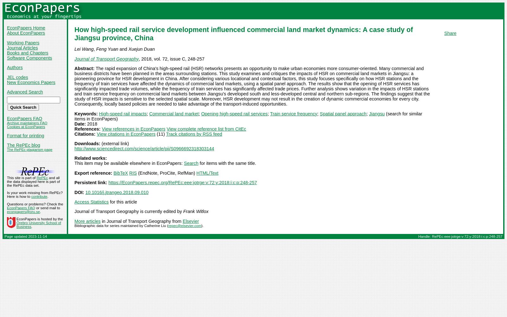 The height and width of the screenshot is (317, 507). I want to click on 'This site is part of', so click(7, 178).